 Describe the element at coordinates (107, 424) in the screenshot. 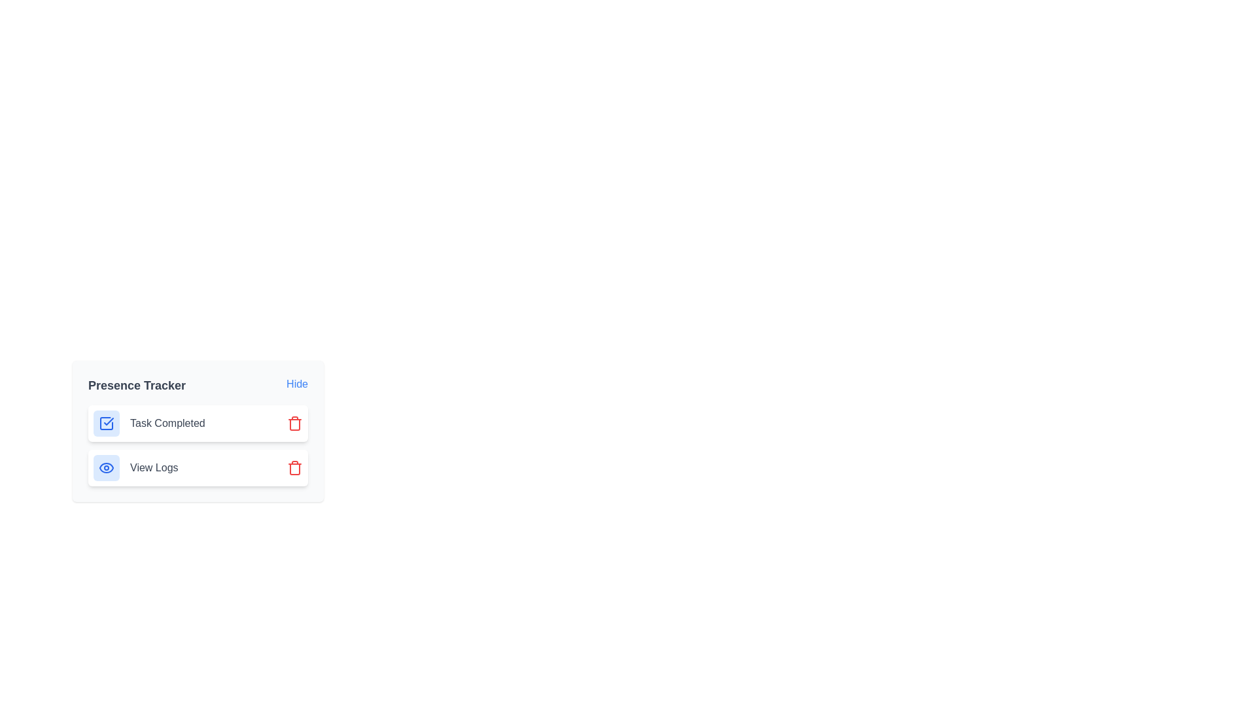

I see `the checkbox icon in the first row labeled 'Task Completed', identifiable by its square shape with rounded corners` at that location.